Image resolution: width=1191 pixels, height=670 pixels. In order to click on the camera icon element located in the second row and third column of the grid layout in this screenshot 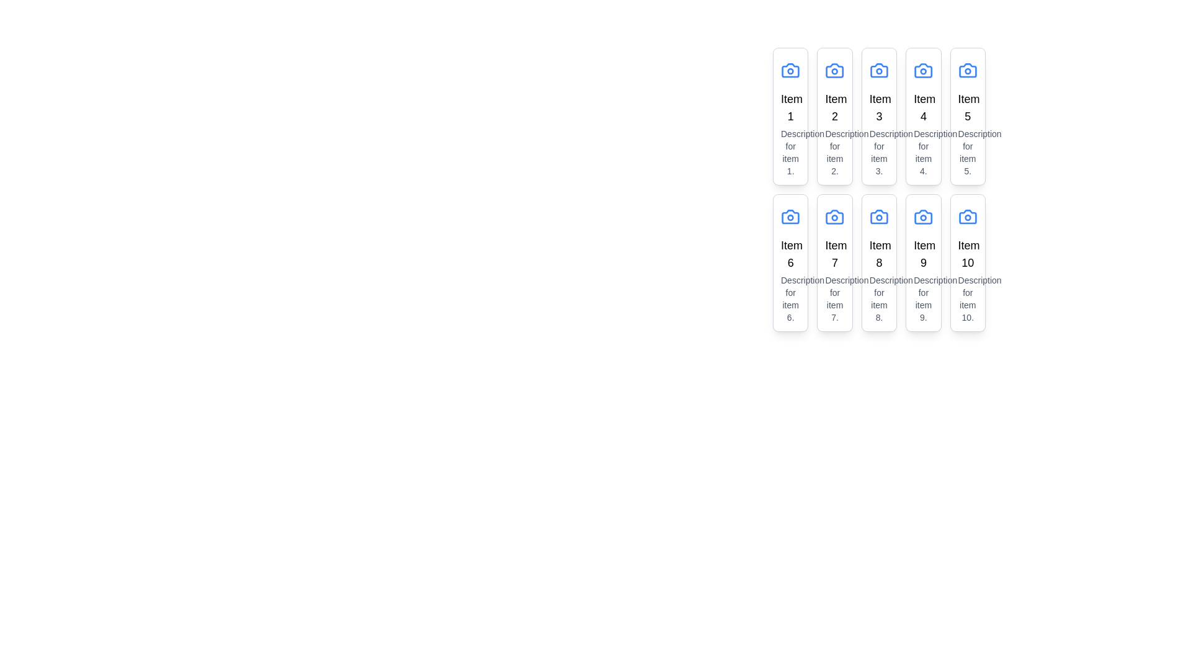, I will do `click(878, 217)`.